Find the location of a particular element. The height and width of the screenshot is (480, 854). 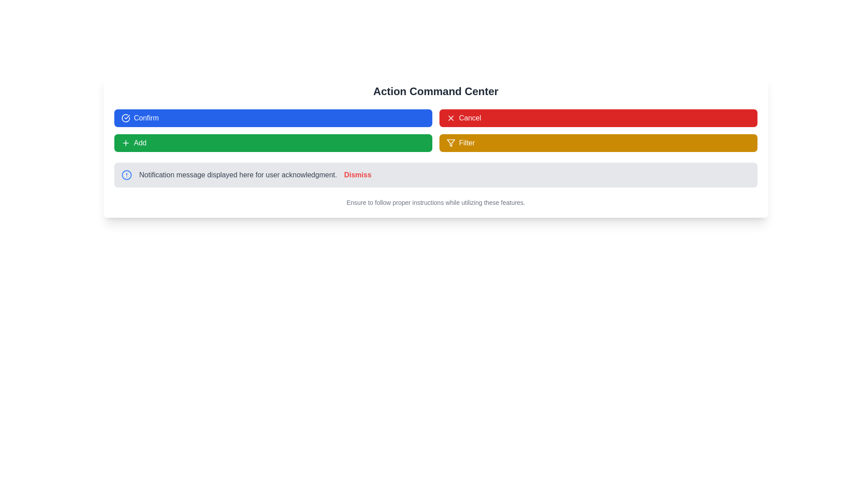

the circular checkmark icon located on the left side of the 'Confirm' button, which has a blue stroke and is styled with a blue background and white text is located at coordinates (125, 118).